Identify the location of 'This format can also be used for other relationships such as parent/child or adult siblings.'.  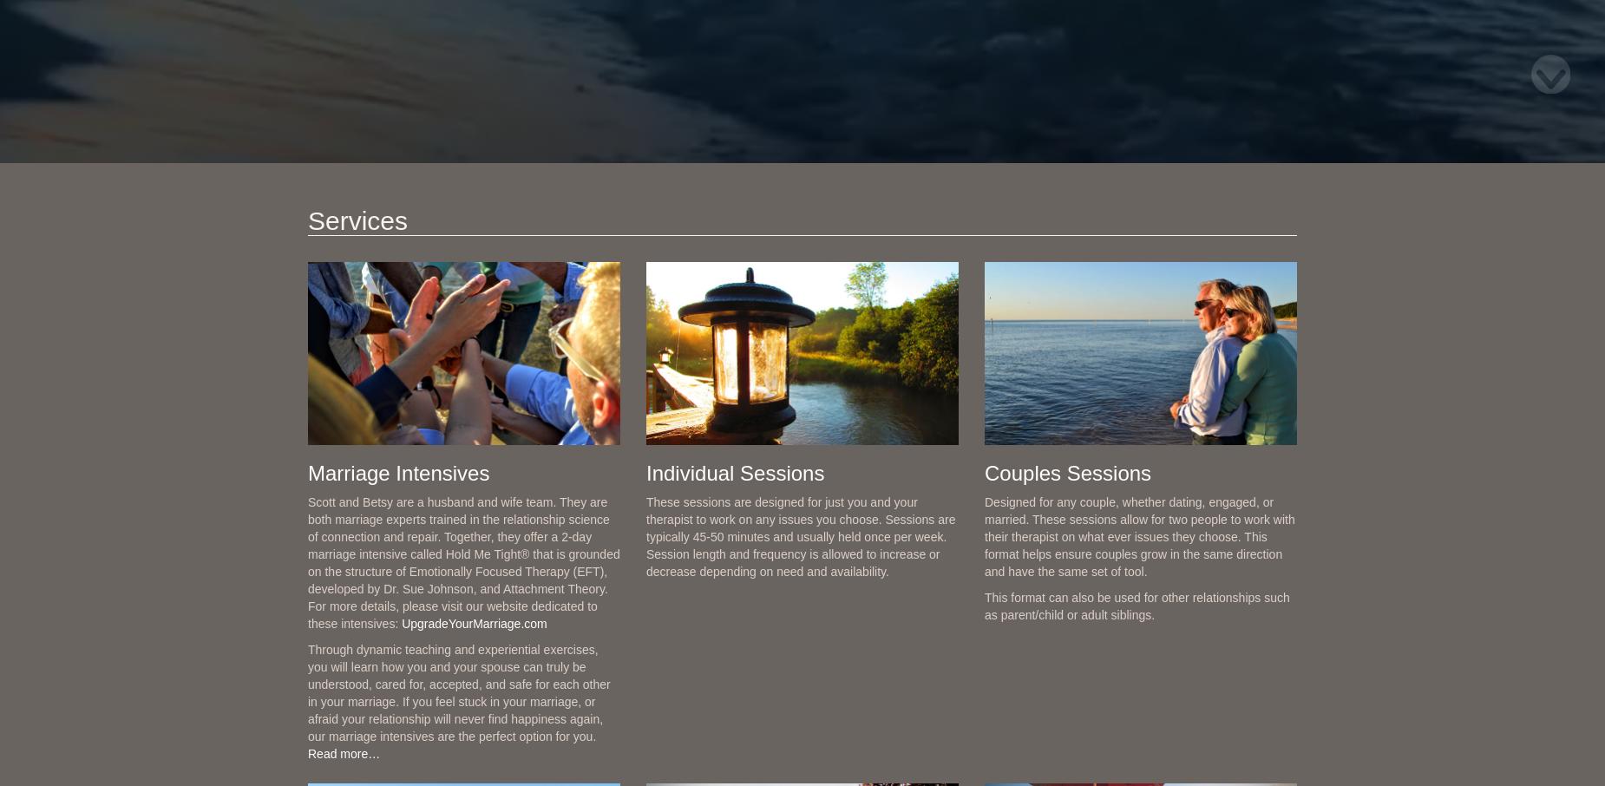
(983, 606).